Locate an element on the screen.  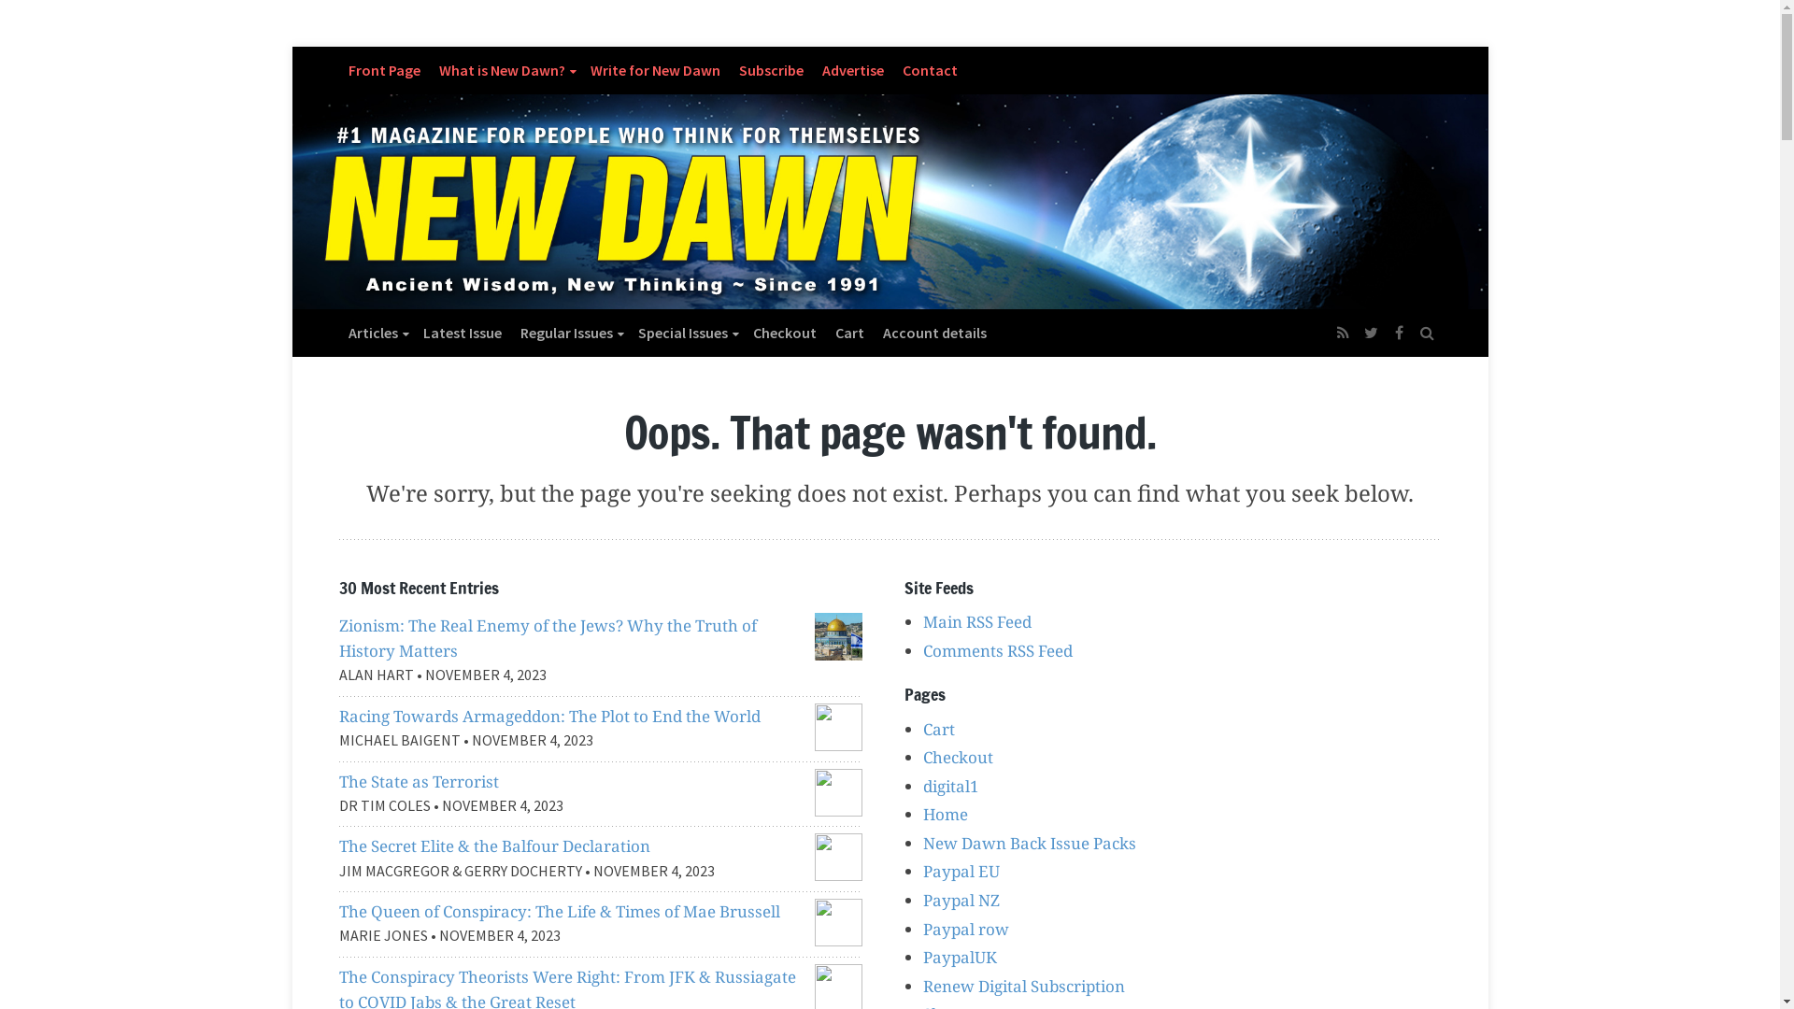
'Front Page' is located at coordinates (382, 68).